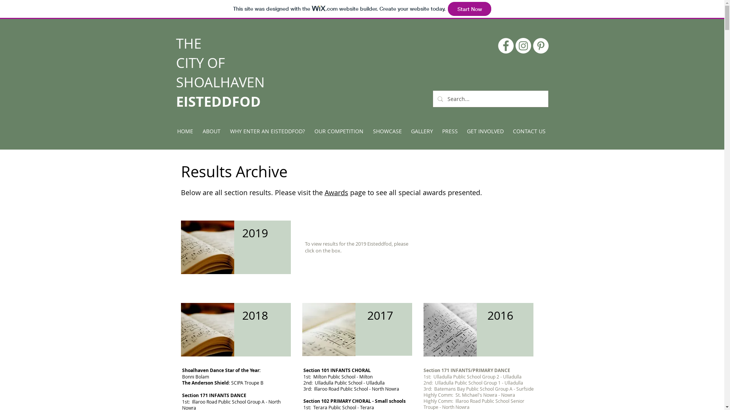 Image resolution: width=730 pixels, height=410 pixels. Describe the element at coordinates (450, 131) in the screenshot. I see `'PRESS'` at that location.